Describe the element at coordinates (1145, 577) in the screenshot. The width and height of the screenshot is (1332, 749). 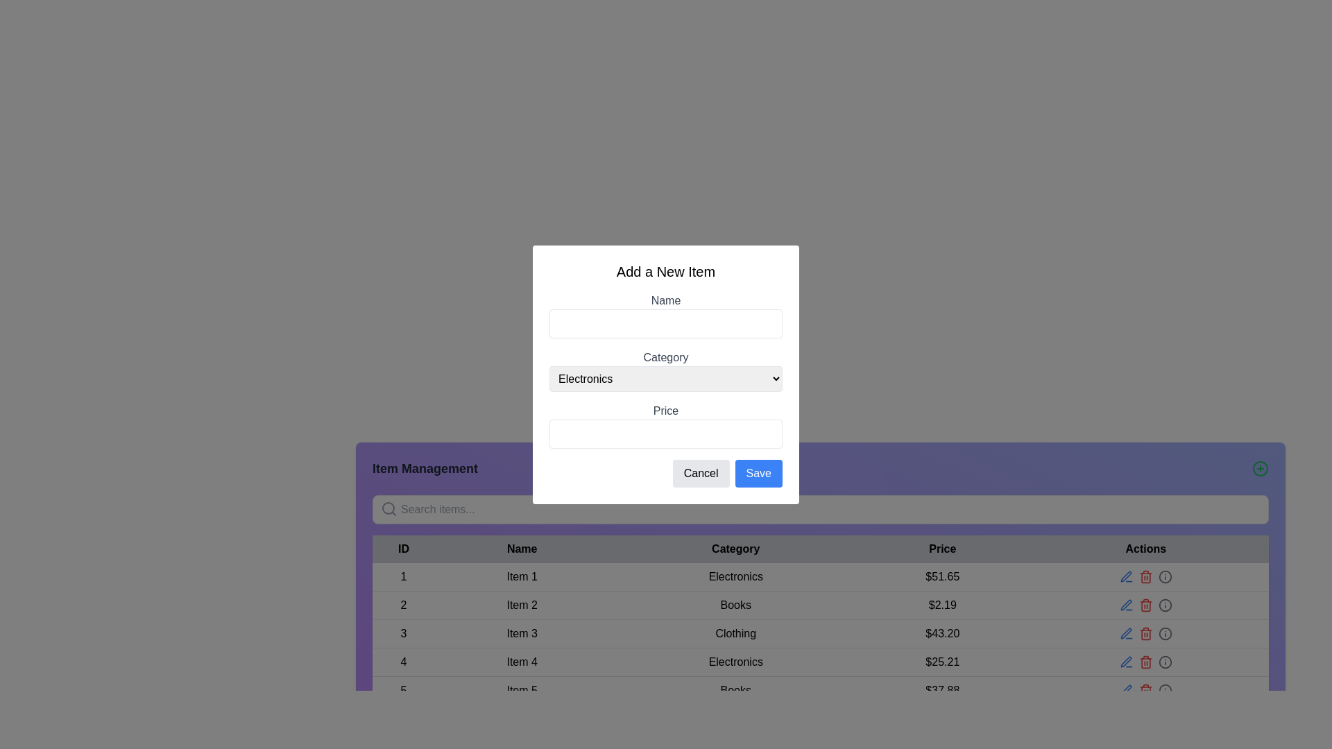
I see `the trash can icon located in the 'Actions' column of the data table to change its color to a darker red` at that location.